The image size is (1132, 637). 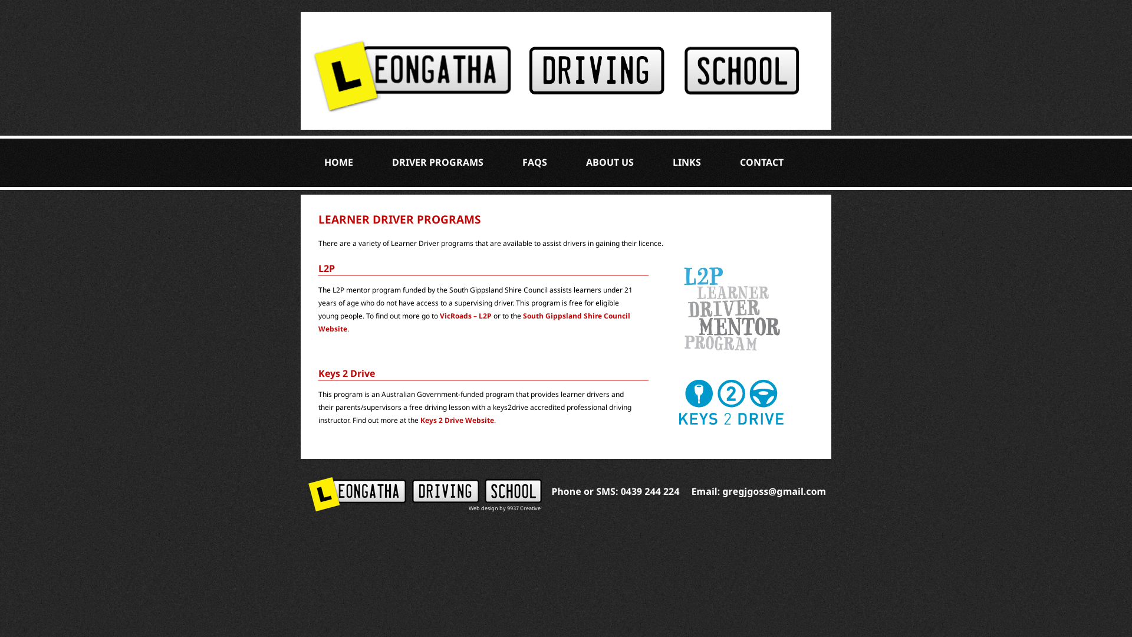 What do you see at coordinates (687, 162) in the screenshot?
I see `'LINKS'` at bounding box center [687, 162].